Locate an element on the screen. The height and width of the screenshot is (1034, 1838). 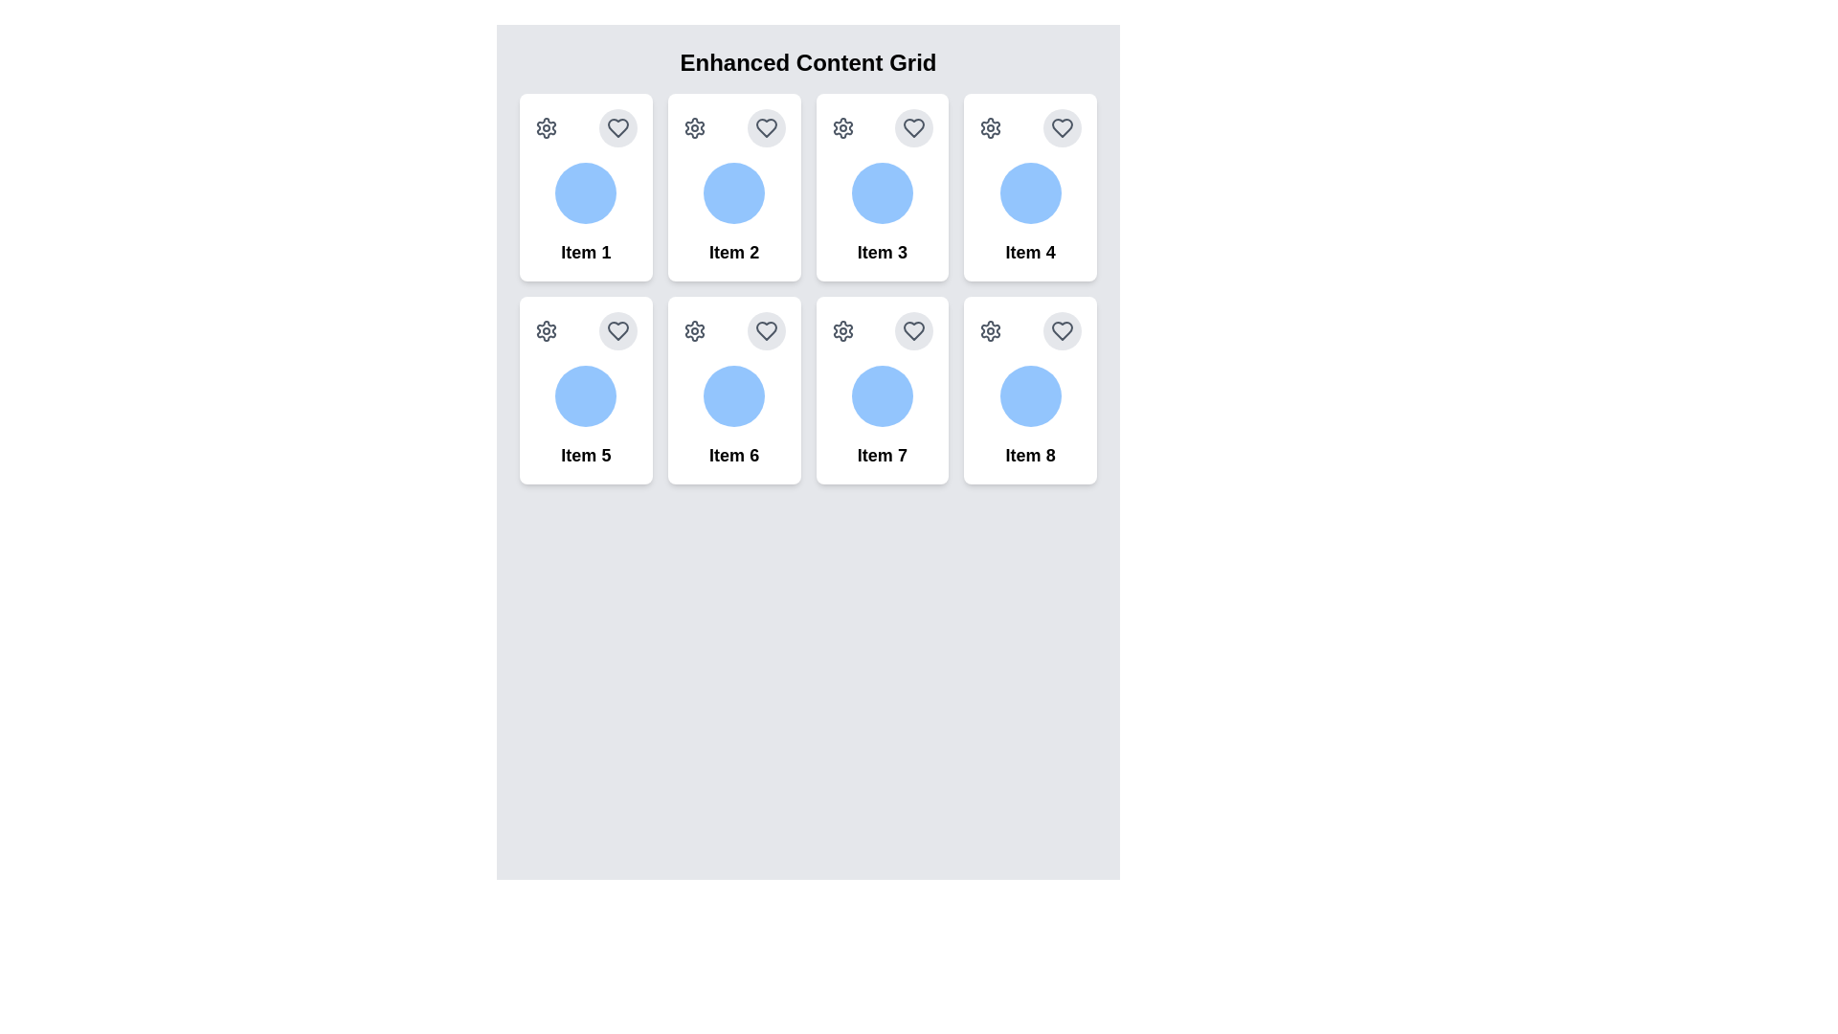
the gear icon located in the top-left corner of the card labeled 'Item 2' is located at coordinates (693, 128).